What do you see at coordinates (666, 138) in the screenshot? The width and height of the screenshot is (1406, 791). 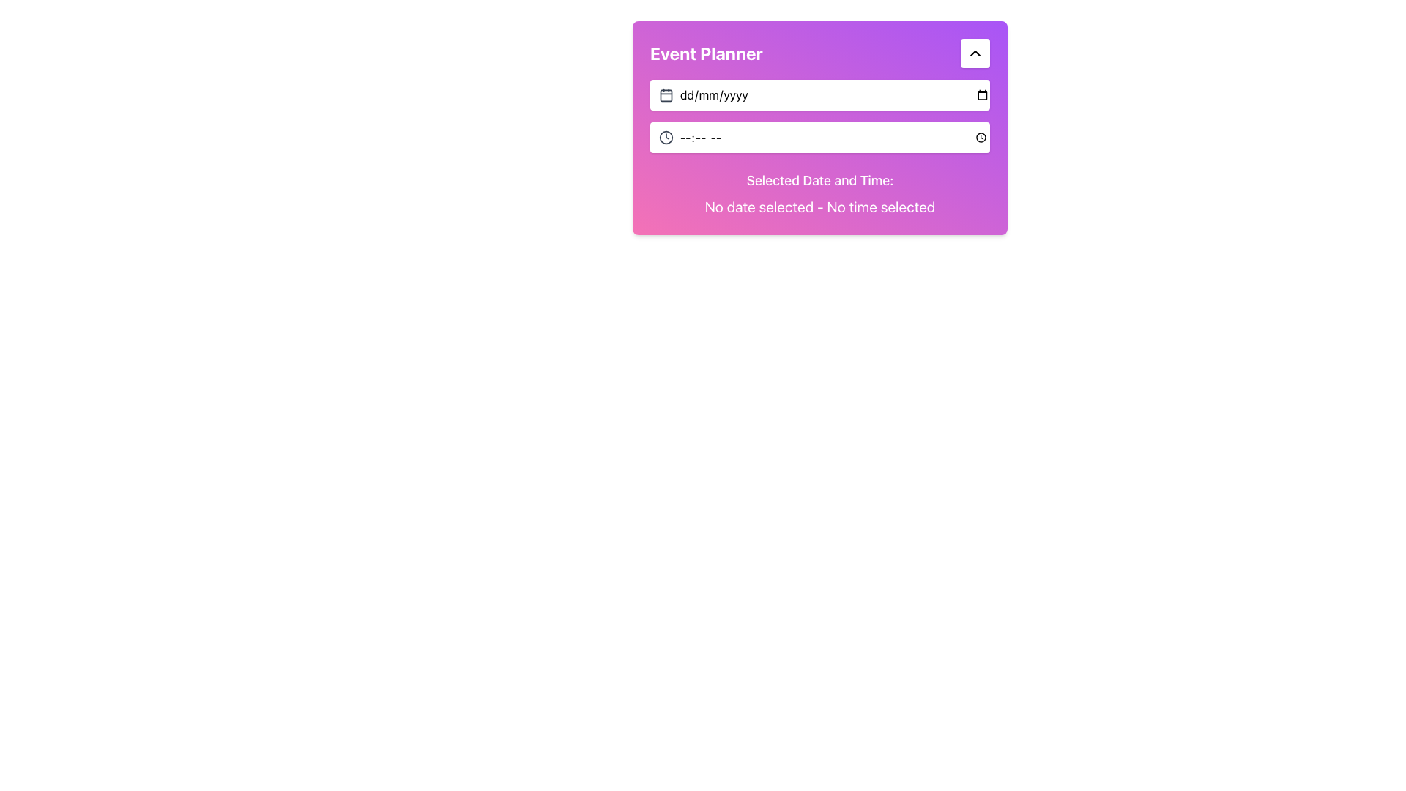 I see `the clock icon with a circular border, located on the left side of the time selection input field in the 'Event Planner' panel` at bounding box center [666, 138].